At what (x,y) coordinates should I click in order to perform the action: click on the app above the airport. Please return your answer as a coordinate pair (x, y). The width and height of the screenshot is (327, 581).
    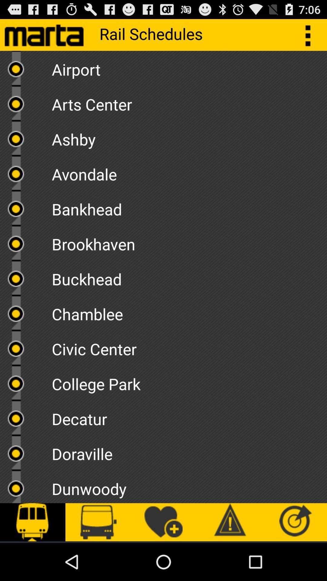
    Looking at the image, I should click on (311, 34).